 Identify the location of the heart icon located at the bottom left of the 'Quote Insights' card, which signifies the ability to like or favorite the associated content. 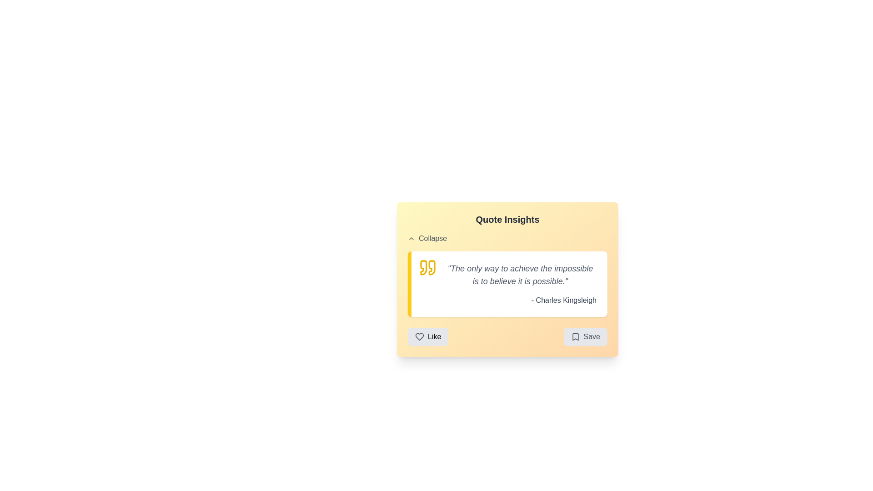
(419, 336).